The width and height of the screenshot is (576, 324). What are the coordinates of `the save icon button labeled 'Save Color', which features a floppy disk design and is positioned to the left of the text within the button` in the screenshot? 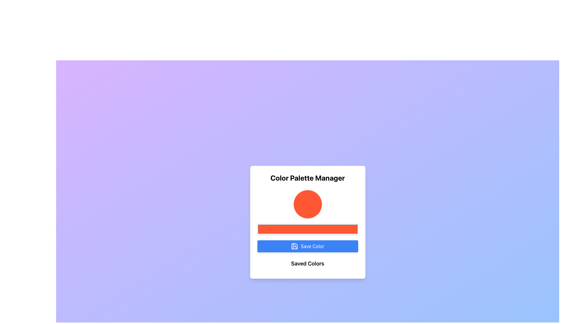 It's located at (295, 246).